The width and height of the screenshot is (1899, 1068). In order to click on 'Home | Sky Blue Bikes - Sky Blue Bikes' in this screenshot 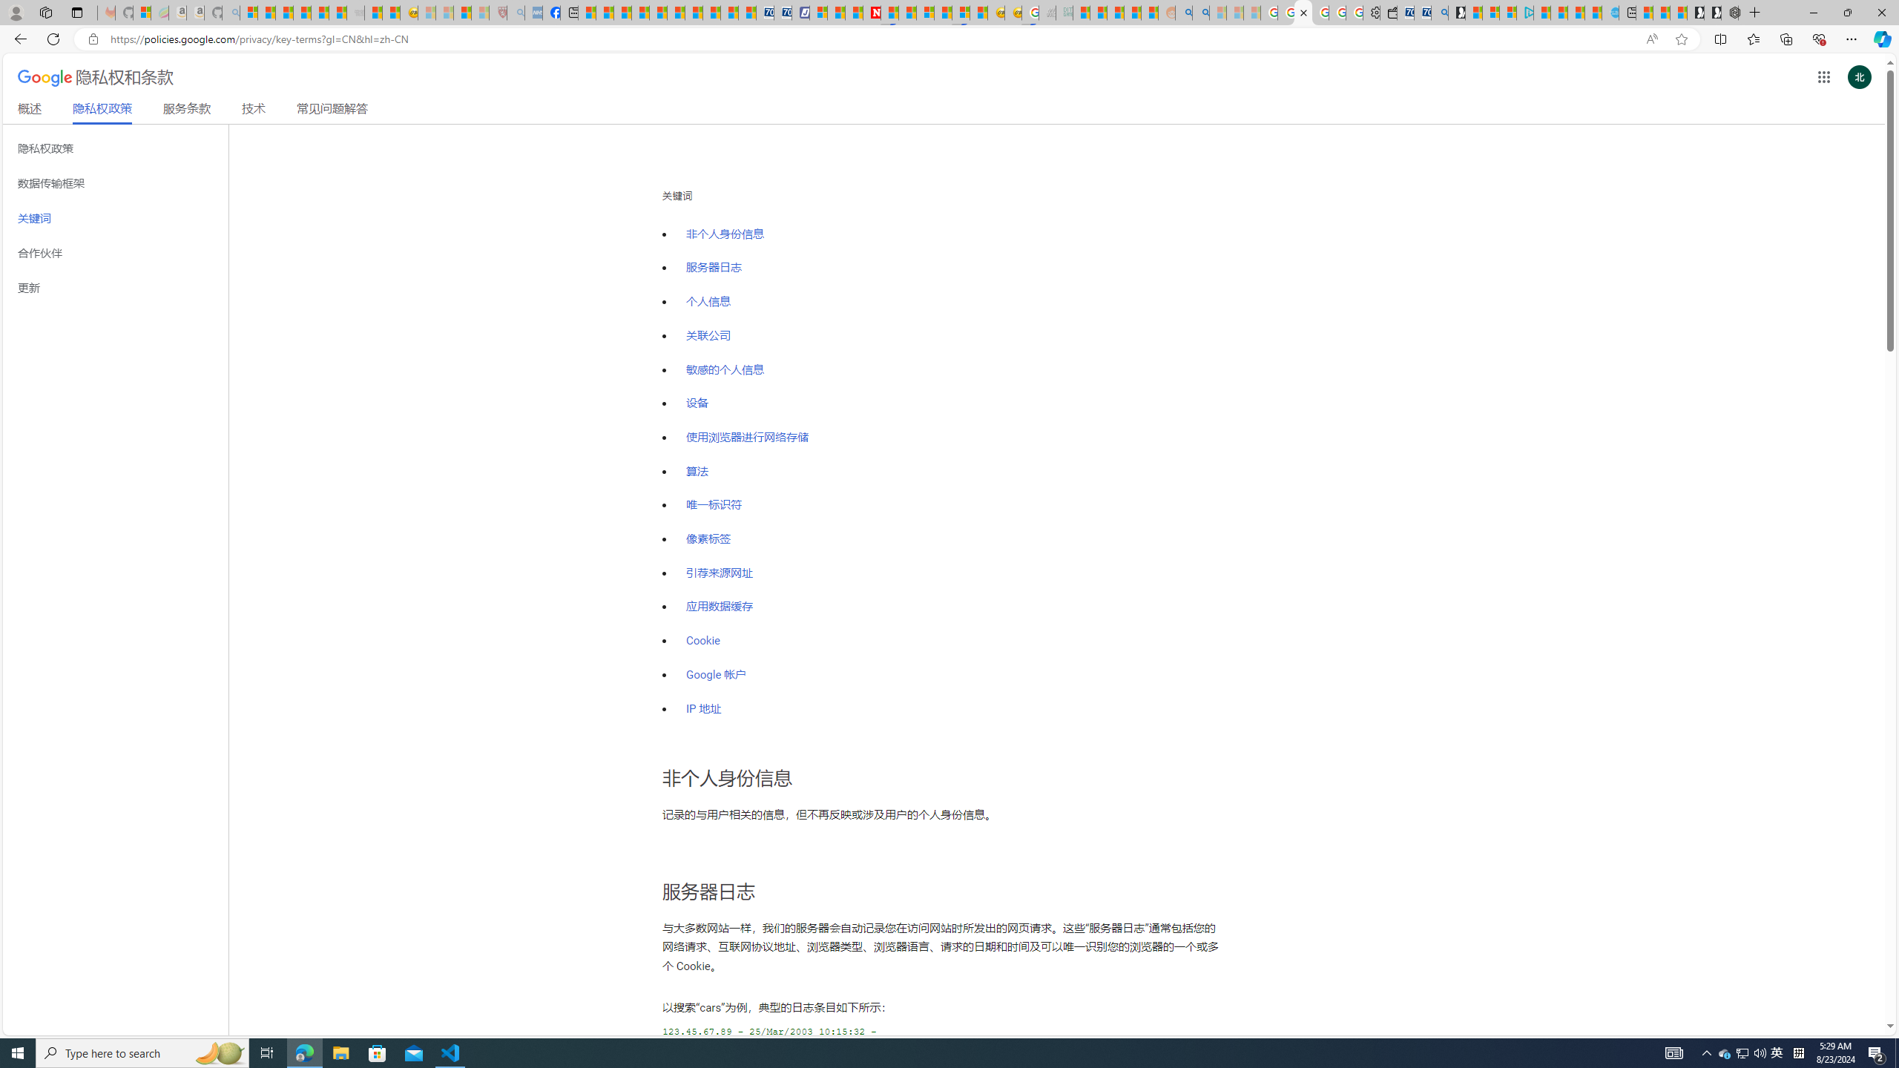, I will do `click(1609, 12)`.